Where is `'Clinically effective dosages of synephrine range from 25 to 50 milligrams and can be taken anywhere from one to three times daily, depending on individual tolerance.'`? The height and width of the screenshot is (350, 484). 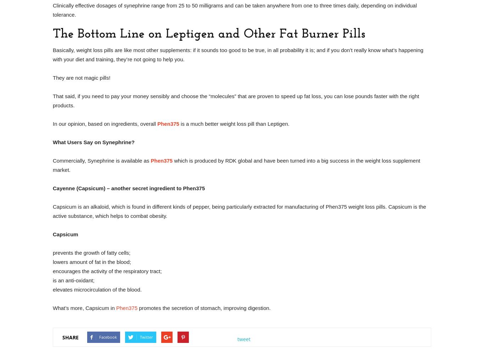 'Clinically effective dosages of synephrine range from 25 to 50 milligrams and can be taken anywhere from one to three times daily, depending on individual tolerance.' is located at coordinates (234, 10).